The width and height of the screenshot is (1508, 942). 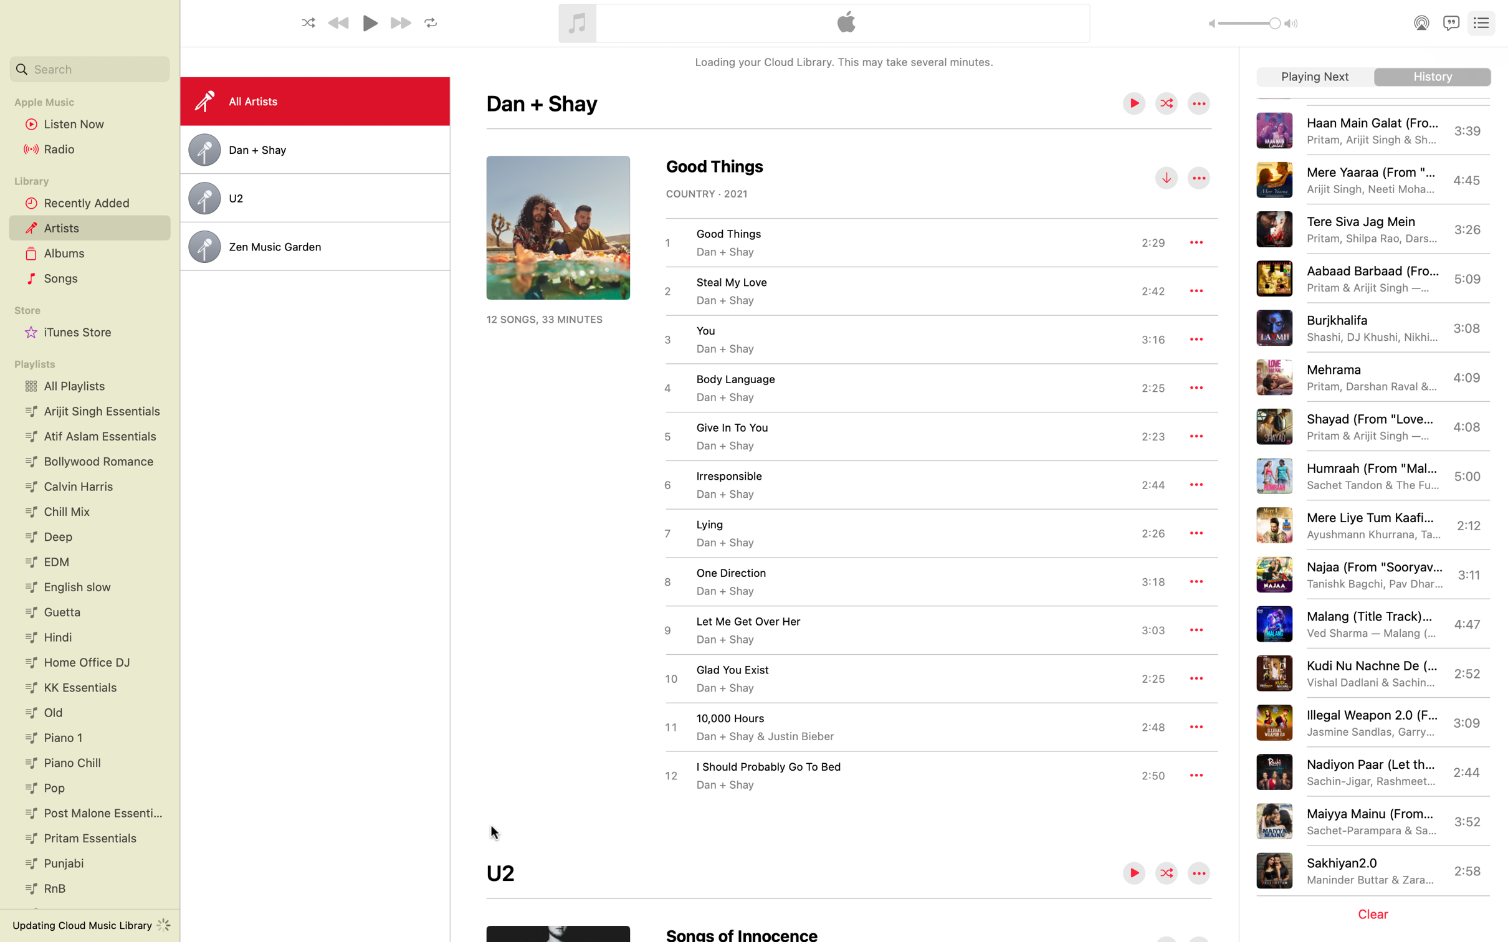 I want to click on Play the song "Irresponsible, so click(x=913, y=484).